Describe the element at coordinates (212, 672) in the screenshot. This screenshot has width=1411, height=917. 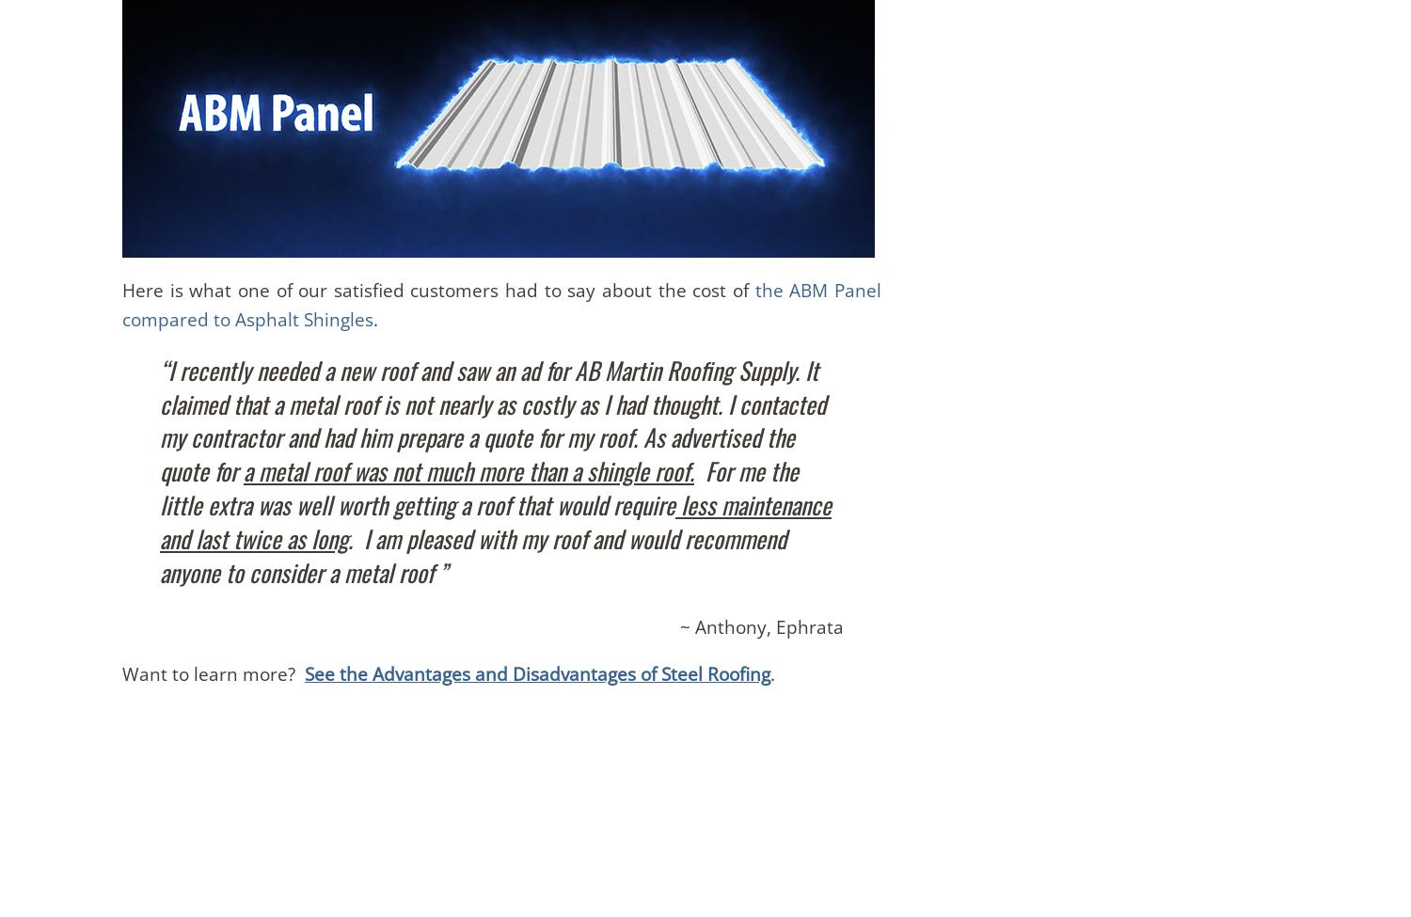
I see `'Want to learn more?'` at that location.